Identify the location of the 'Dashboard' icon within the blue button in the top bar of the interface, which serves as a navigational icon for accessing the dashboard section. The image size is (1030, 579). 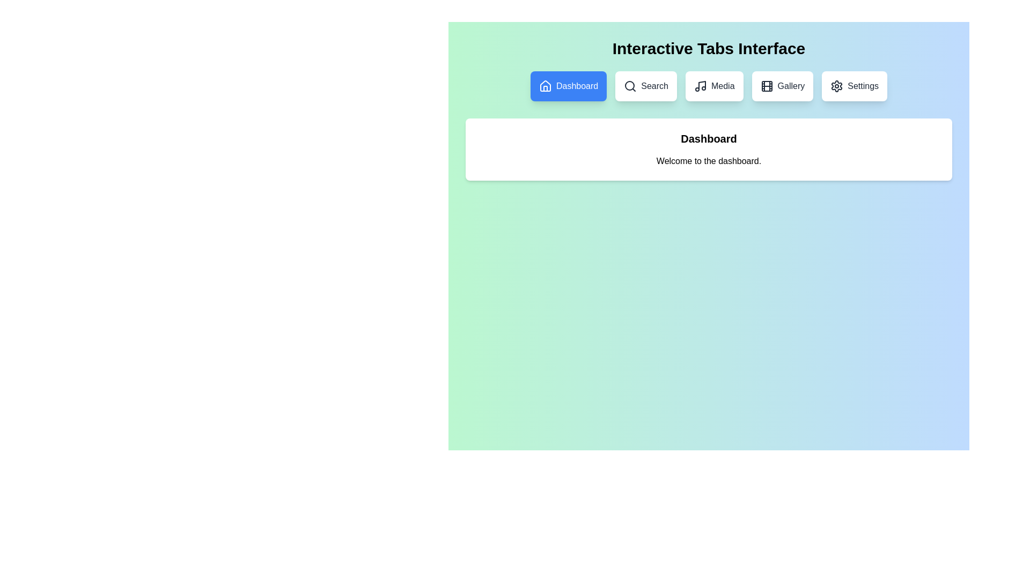
(546, 85).